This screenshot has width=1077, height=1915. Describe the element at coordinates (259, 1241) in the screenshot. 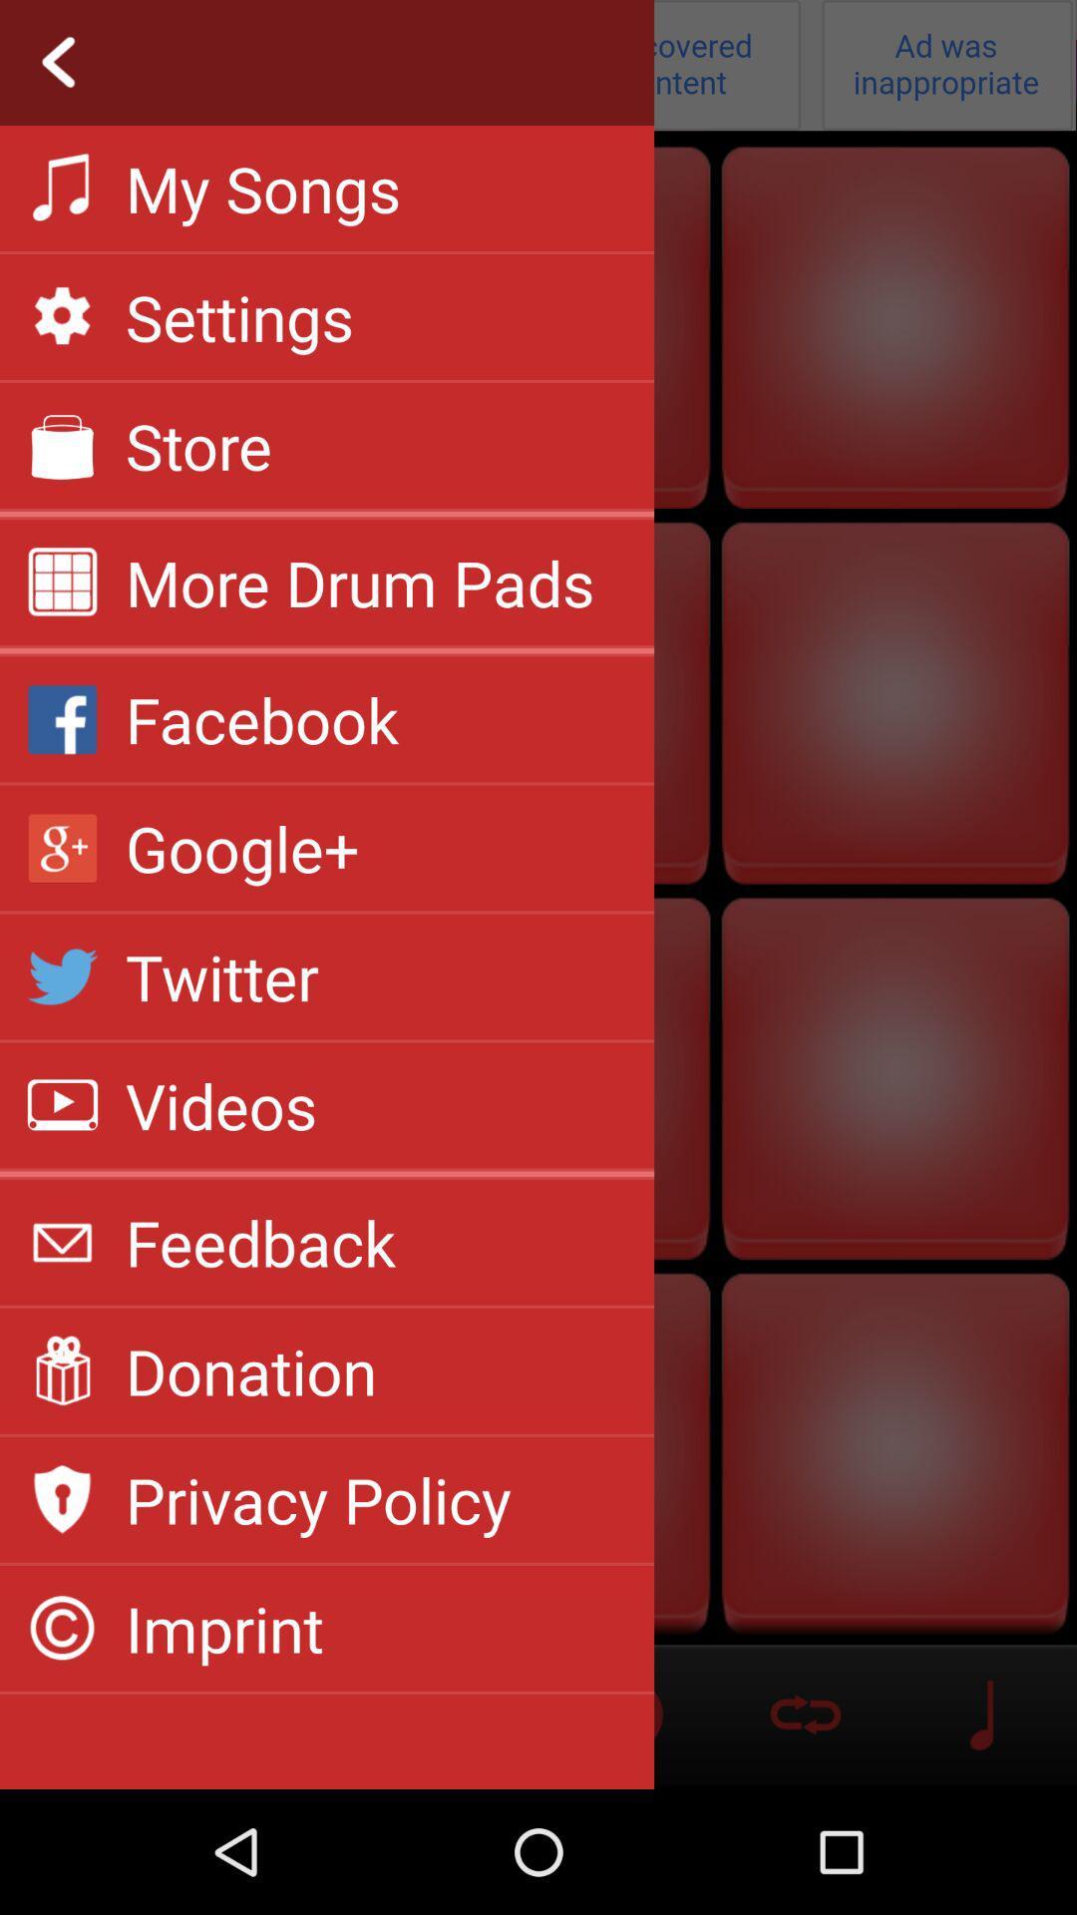

I see `the feedback icon` at that location.